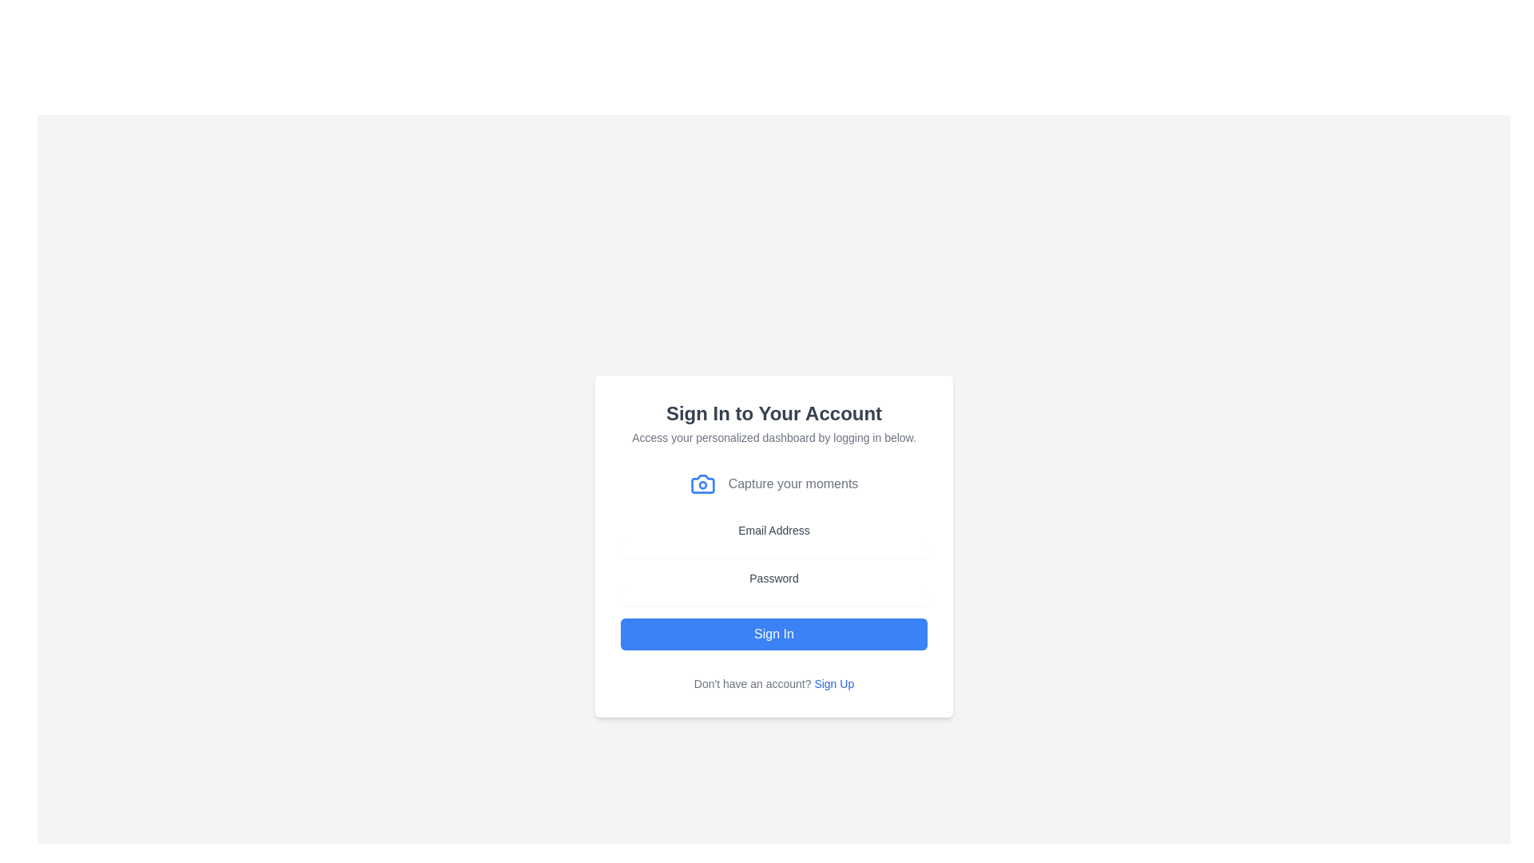  What do you see at coordinates (774, 579) in the screenshot?
I see `the 'Password' label which displays the word 'Password' in a clean sans-serif font with a medium-weight style and subtle gray color, positioned above the password input field` at bounding box center [774, 579].